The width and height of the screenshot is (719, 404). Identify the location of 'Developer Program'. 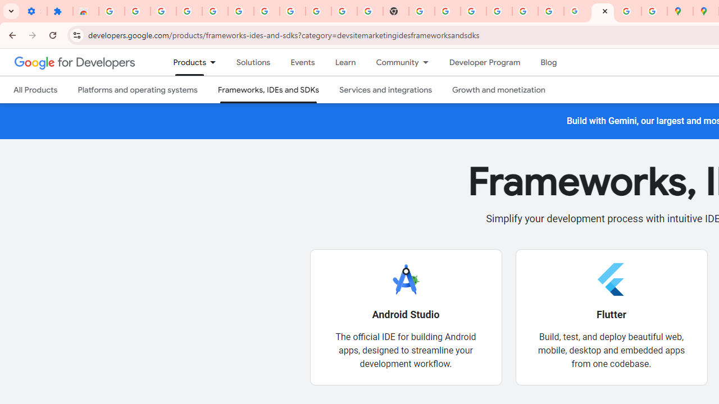
(484, 62).